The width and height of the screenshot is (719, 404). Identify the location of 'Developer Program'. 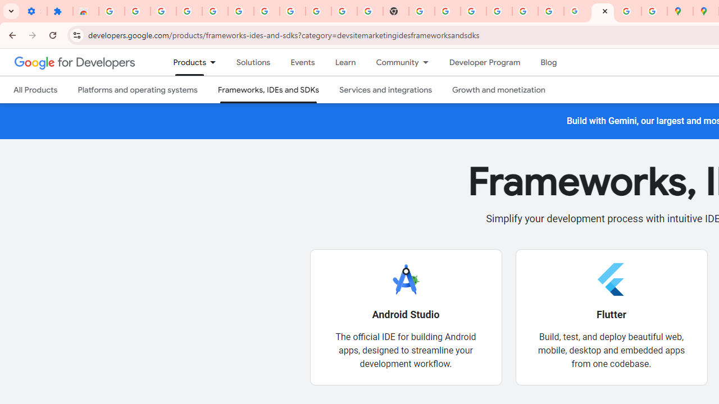
(484, 62).